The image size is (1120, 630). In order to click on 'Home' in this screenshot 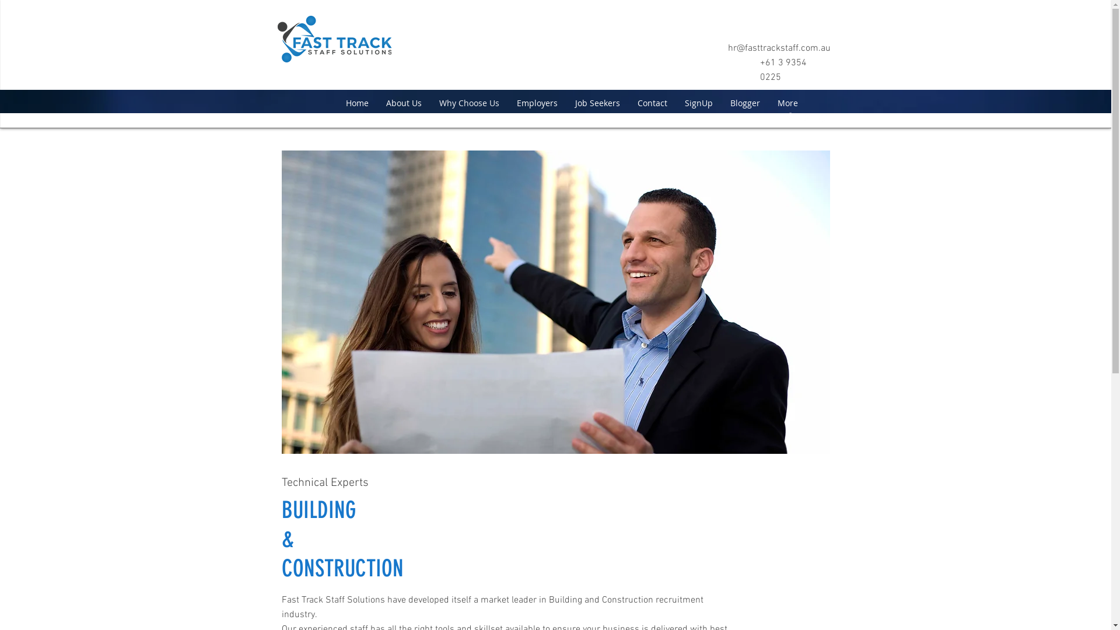, I will do `click(356, 102)`.